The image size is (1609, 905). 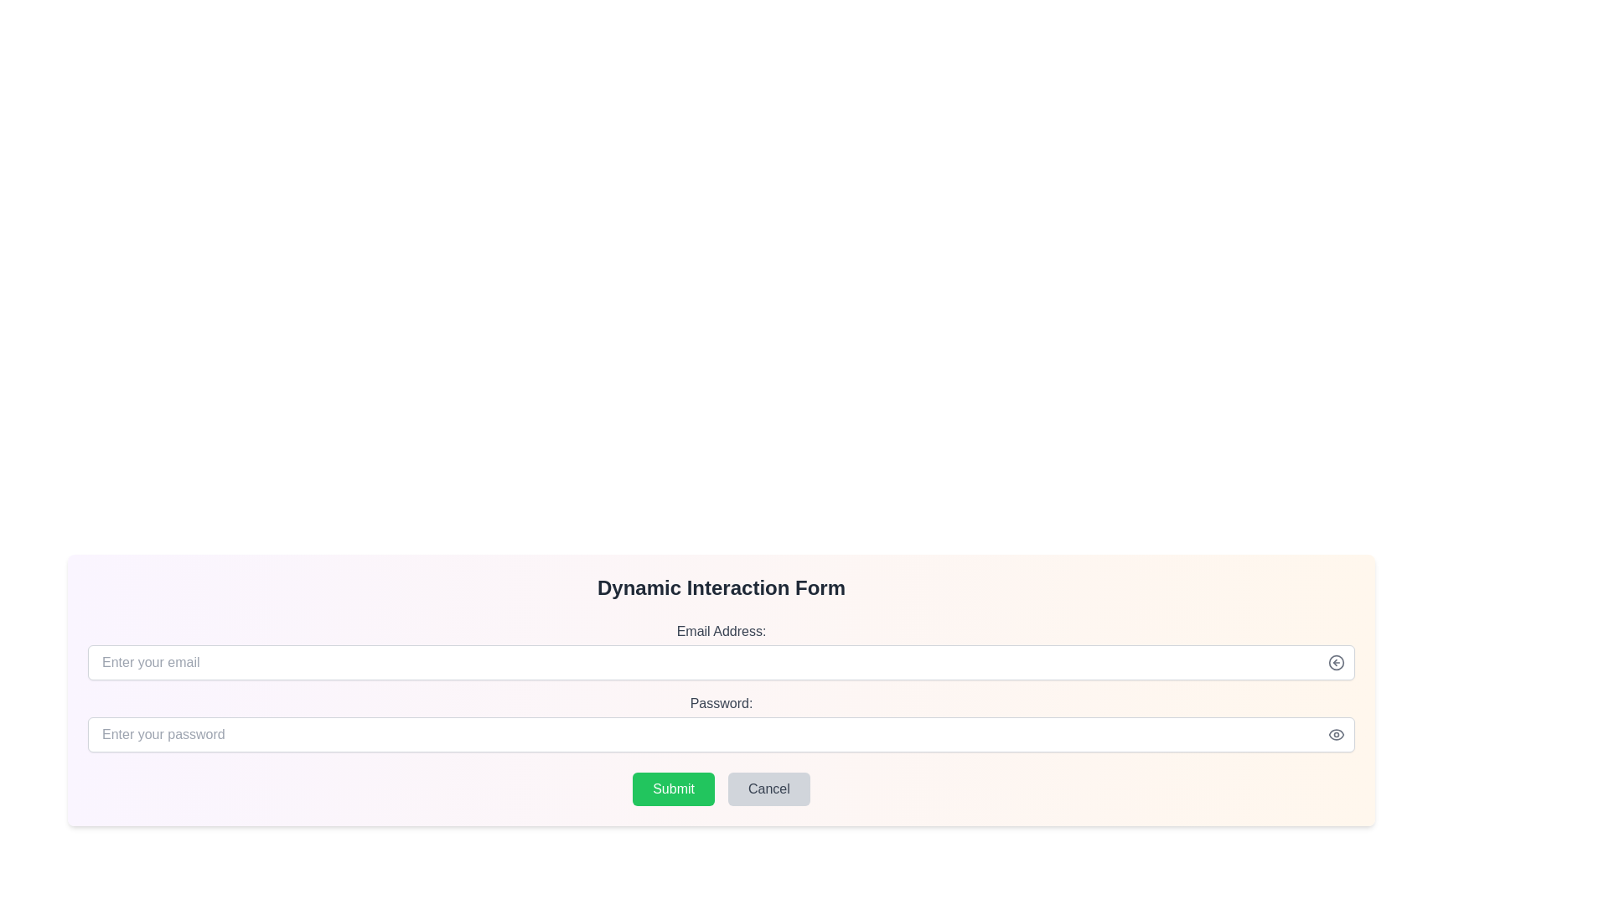 I want to click on the static text label at the top of the form, which serves as the title, to provide users with an understanding of the form's purpose, so click(x=721, y=587).